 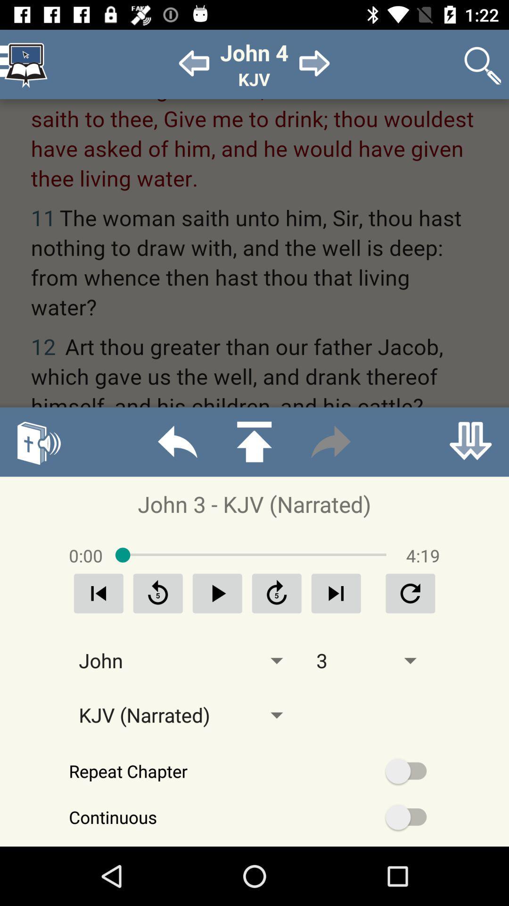 I want to click on redo option, so click(x=330, y=441).